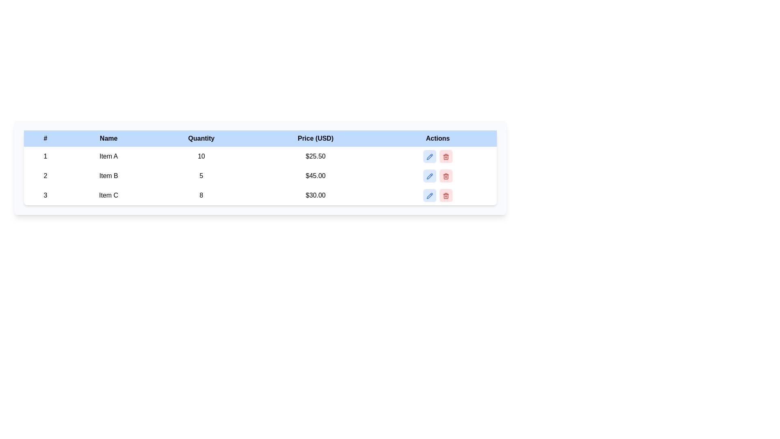 The height and width of the screenshot is (439, 780). Describe the element at coordinates (445, 175) in the screenshot. I see `the delete button with an icon in the 'Actions' column of the second row to initiate the deletion process for the corresponding item` at that location.